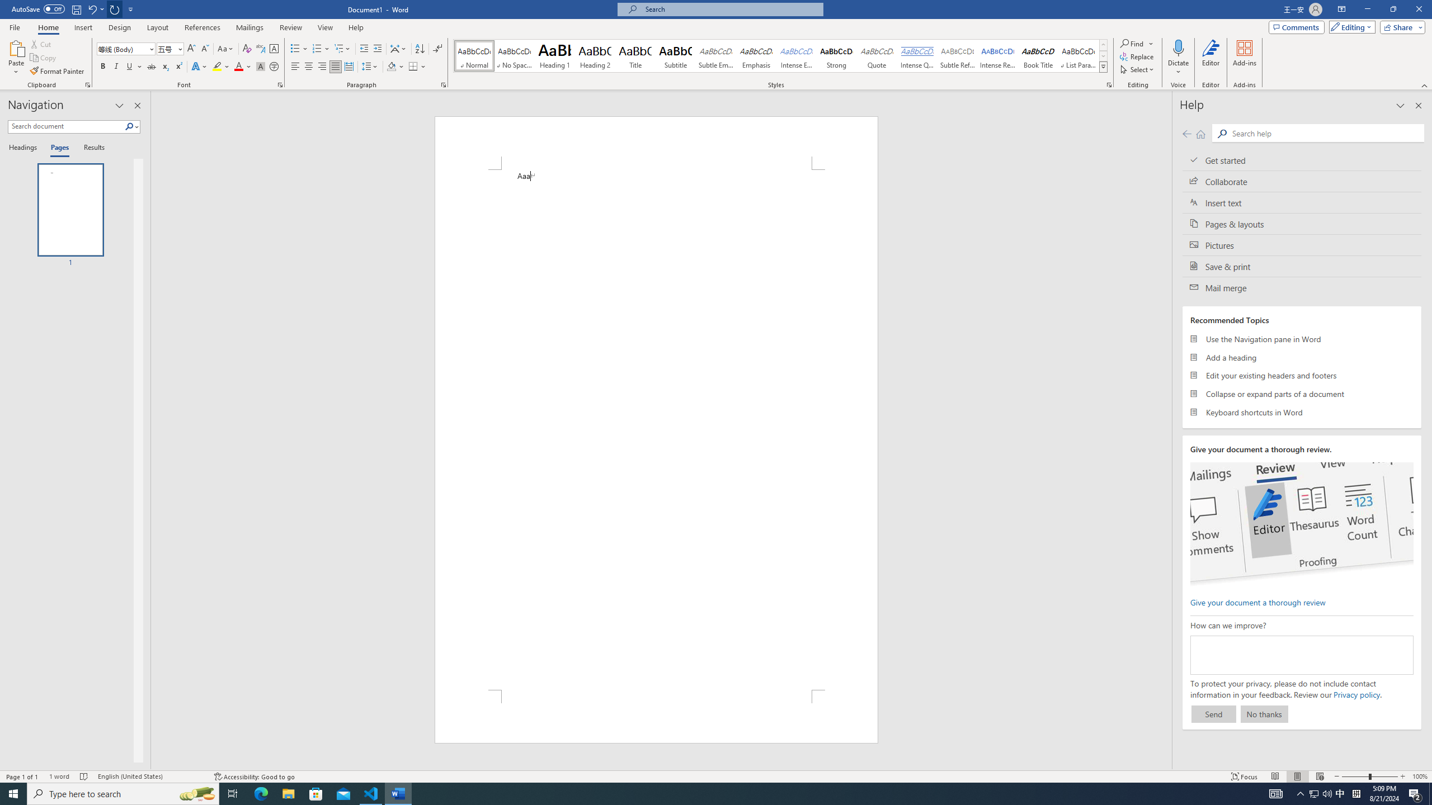 This screenshot has height=805, width=1432. What do you see at coordinates (417, 66) in the screenshot?
I see `'Borders'` at bounding box center [417, 66].